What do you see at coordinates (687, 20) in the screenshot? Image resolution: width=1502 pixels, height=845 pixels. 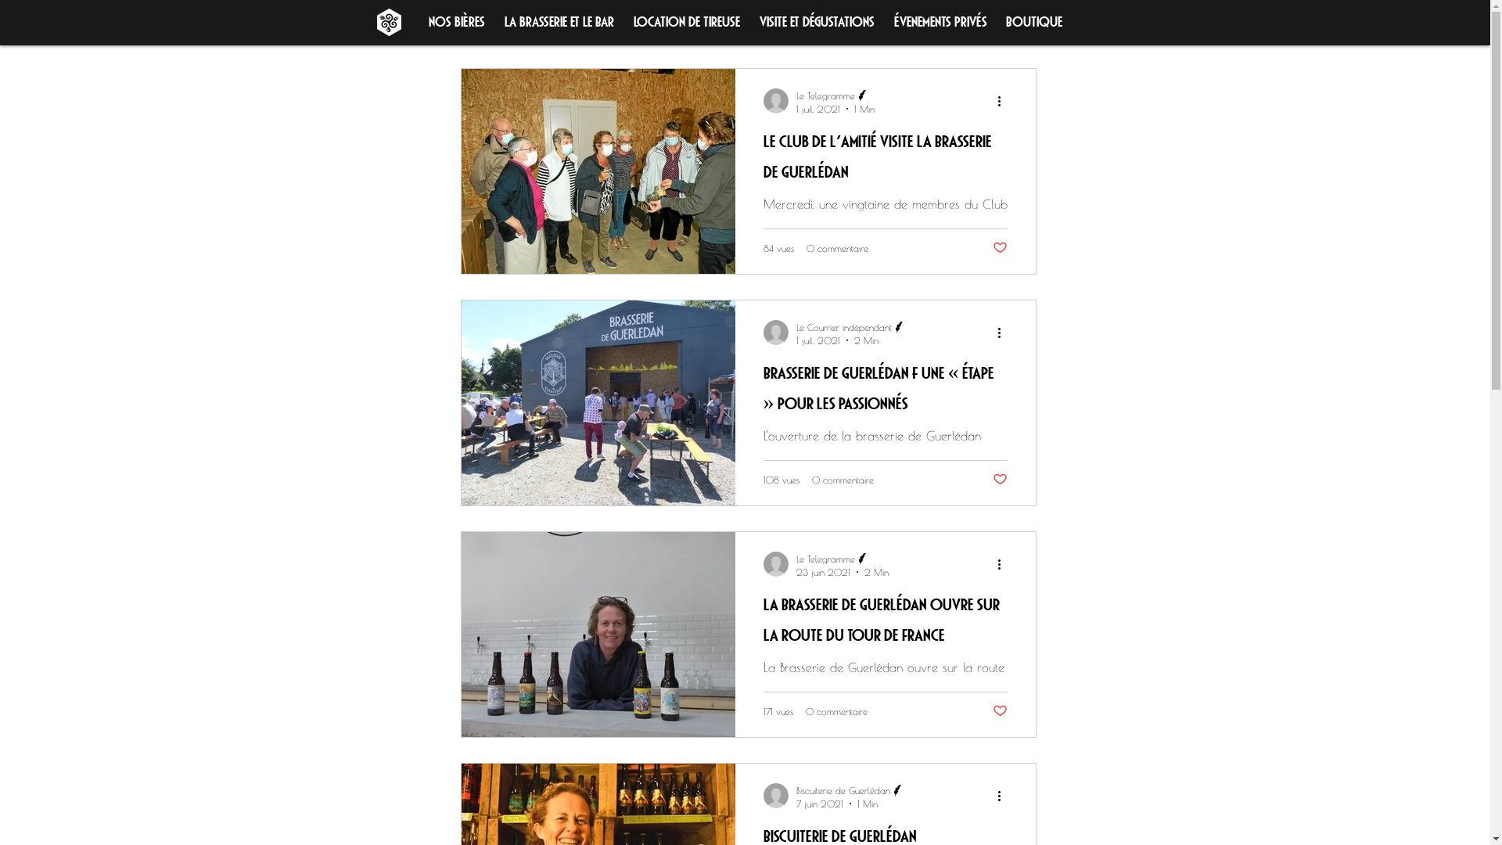 I see `'Location de tireuse'` at bounding box center [687, 20].